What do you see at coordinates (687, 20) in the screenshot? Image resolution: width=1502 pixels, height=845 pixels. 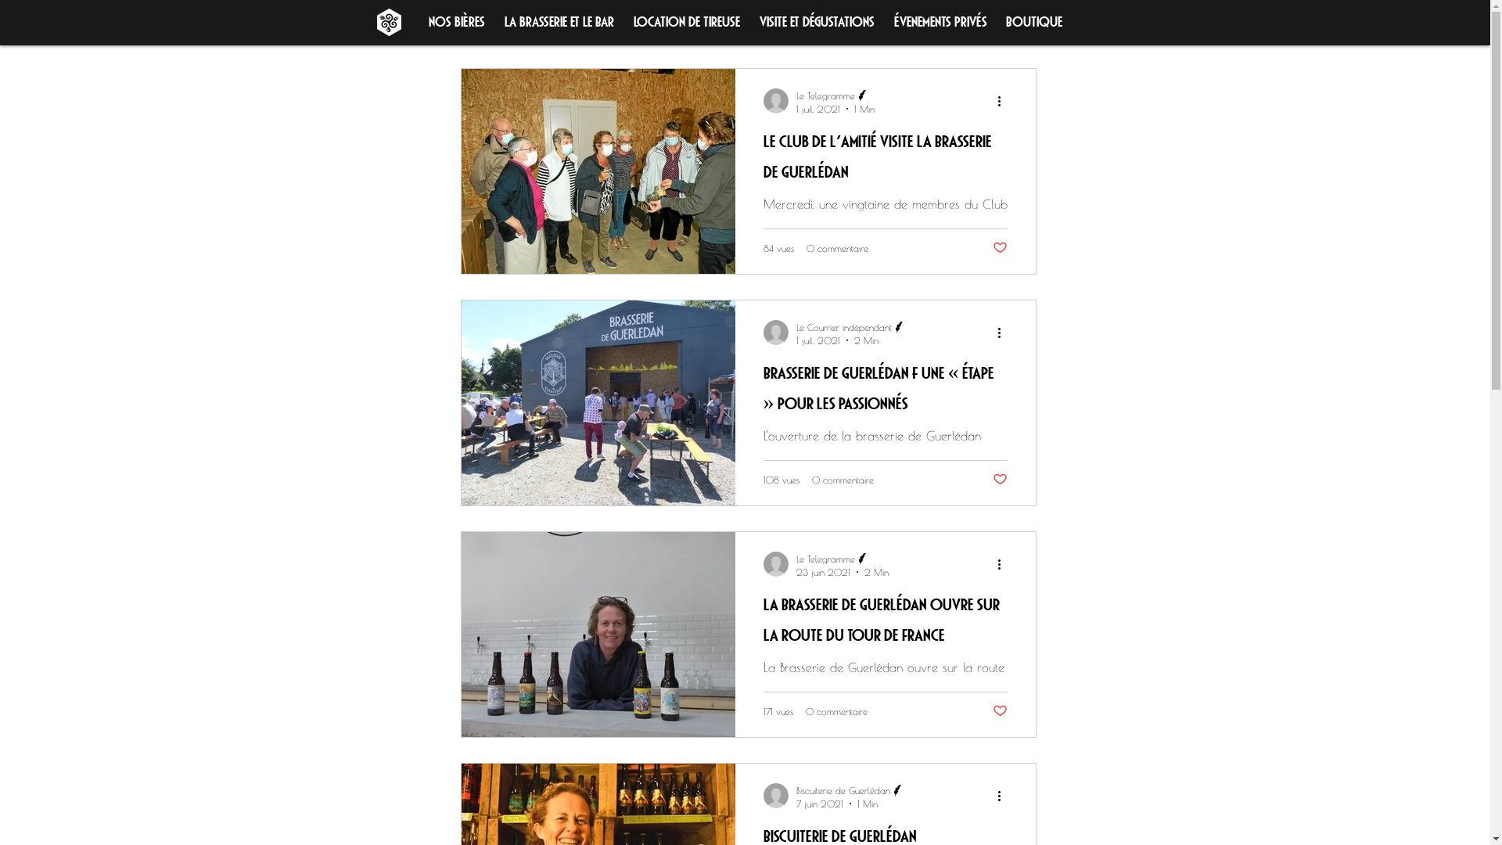 I see `'Location de tireuse'` at bounding box center [687, 20].